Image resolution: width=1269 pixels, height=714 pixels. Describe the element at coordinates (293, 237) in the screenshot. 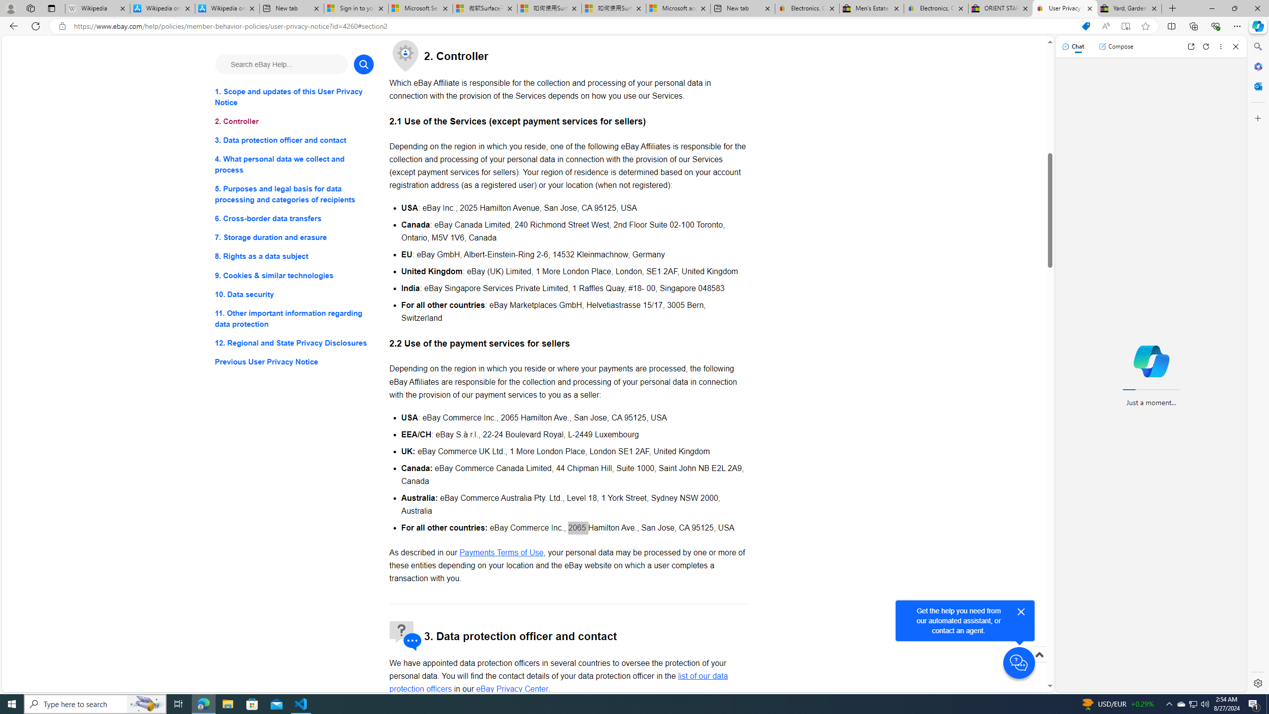

I see `'7. Storage duration and erasure'` at that location.